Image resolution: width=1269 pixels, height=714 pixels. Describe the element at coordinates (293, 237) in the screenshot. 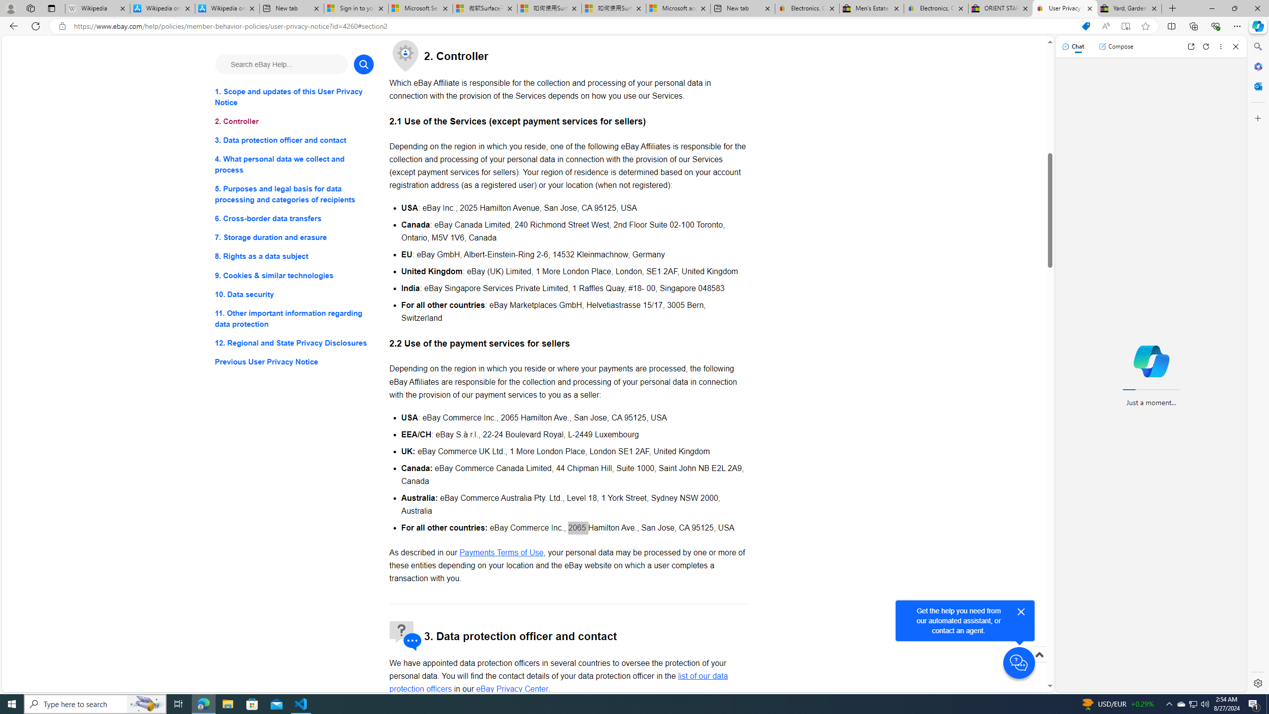

I see `'7. Storage duration and erasure'` at that location.